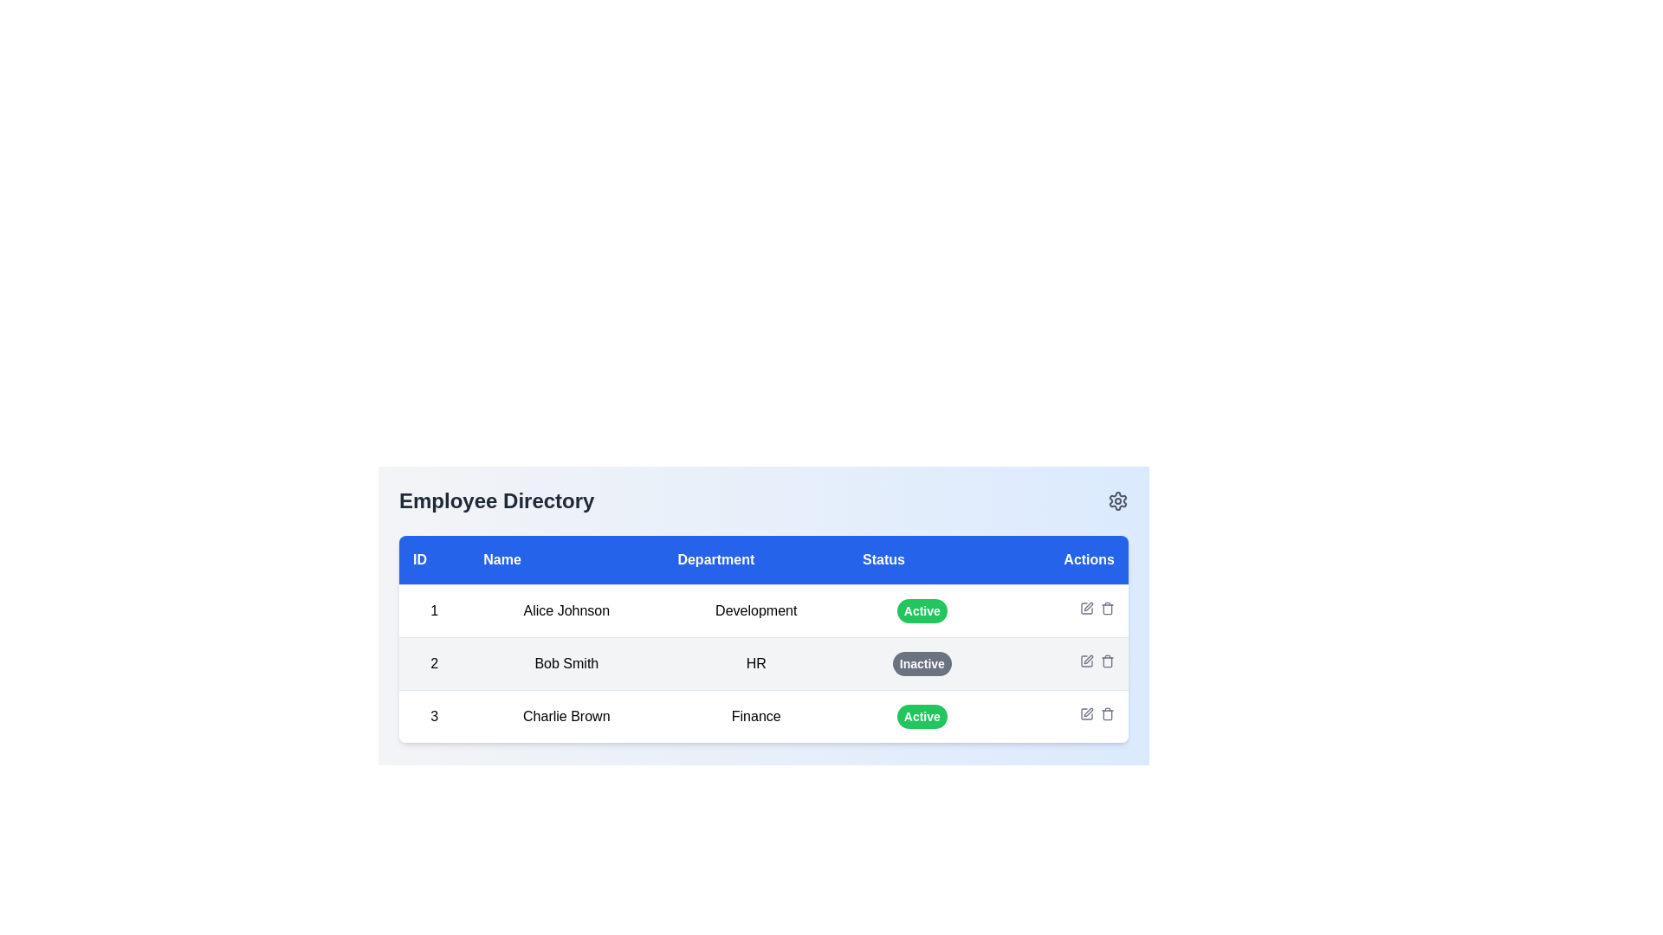 The height and width of the screenshot is (935, 1663). What do you see at coordinates (1085, 607) in the screenshot?
I see `the 'edit' button located in the 'Actions' column of the second row of the table` at bounding box center [1085, 607].